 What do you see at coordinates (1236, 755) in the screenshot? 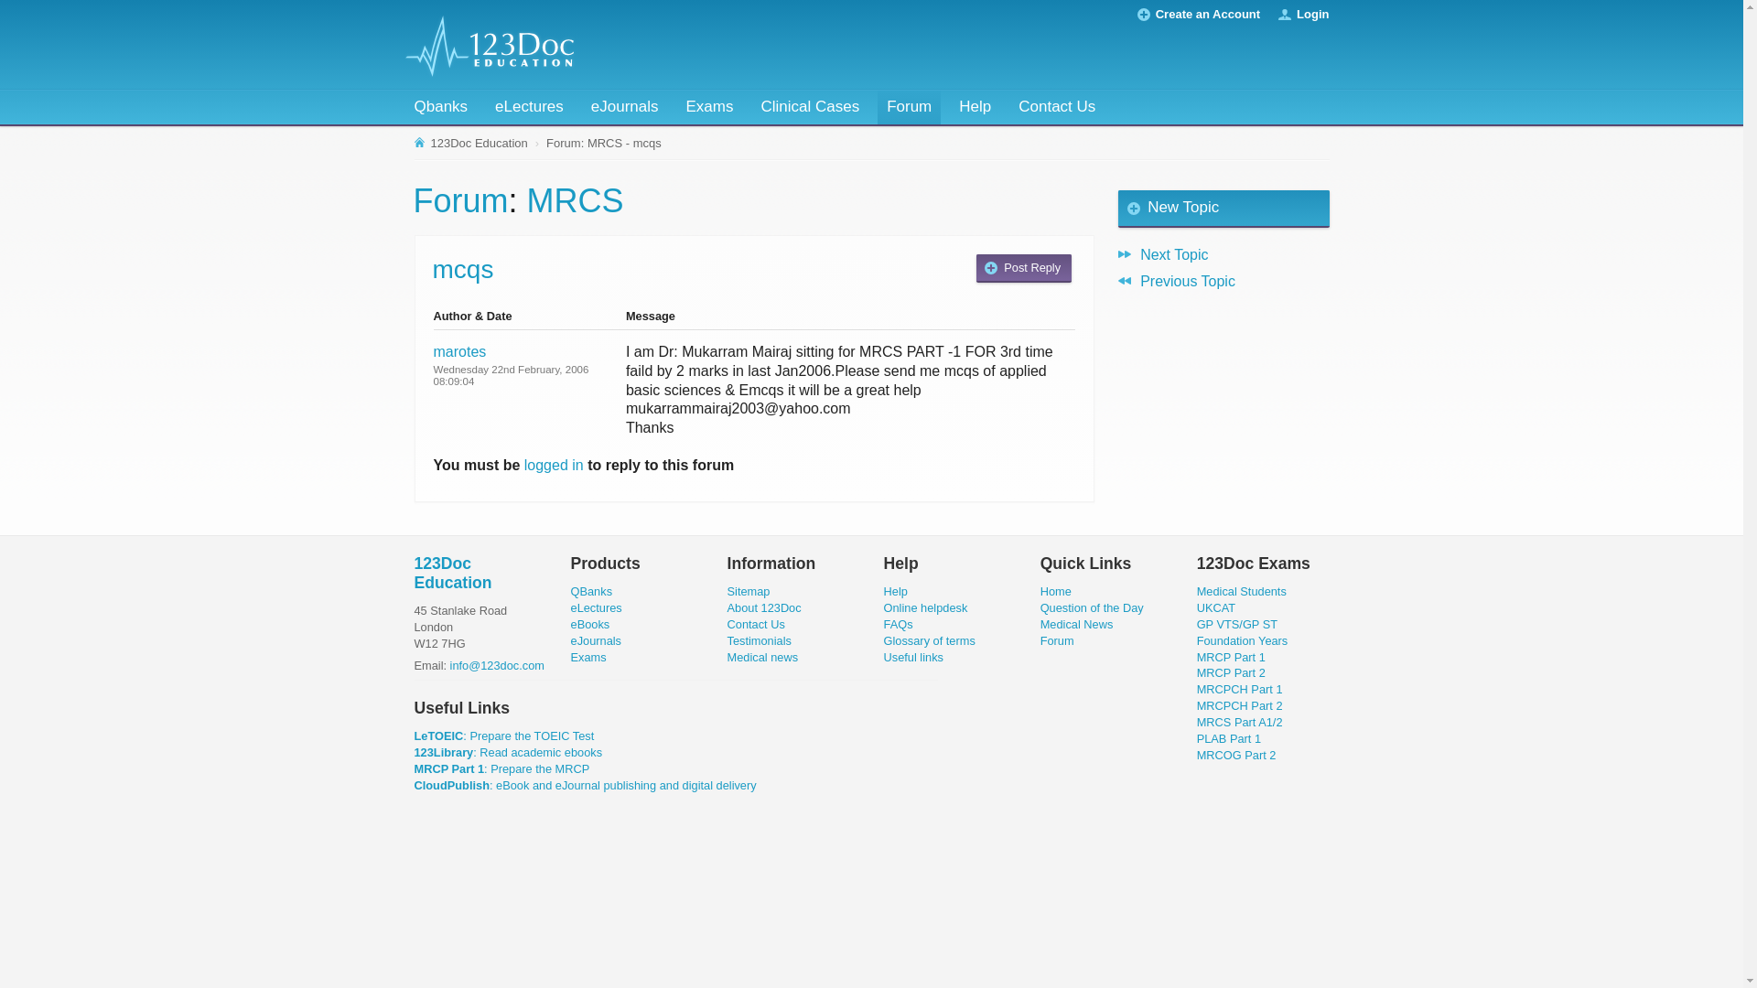
I see `'MRCOG Part 2'` at bounding box center [1236, 755].